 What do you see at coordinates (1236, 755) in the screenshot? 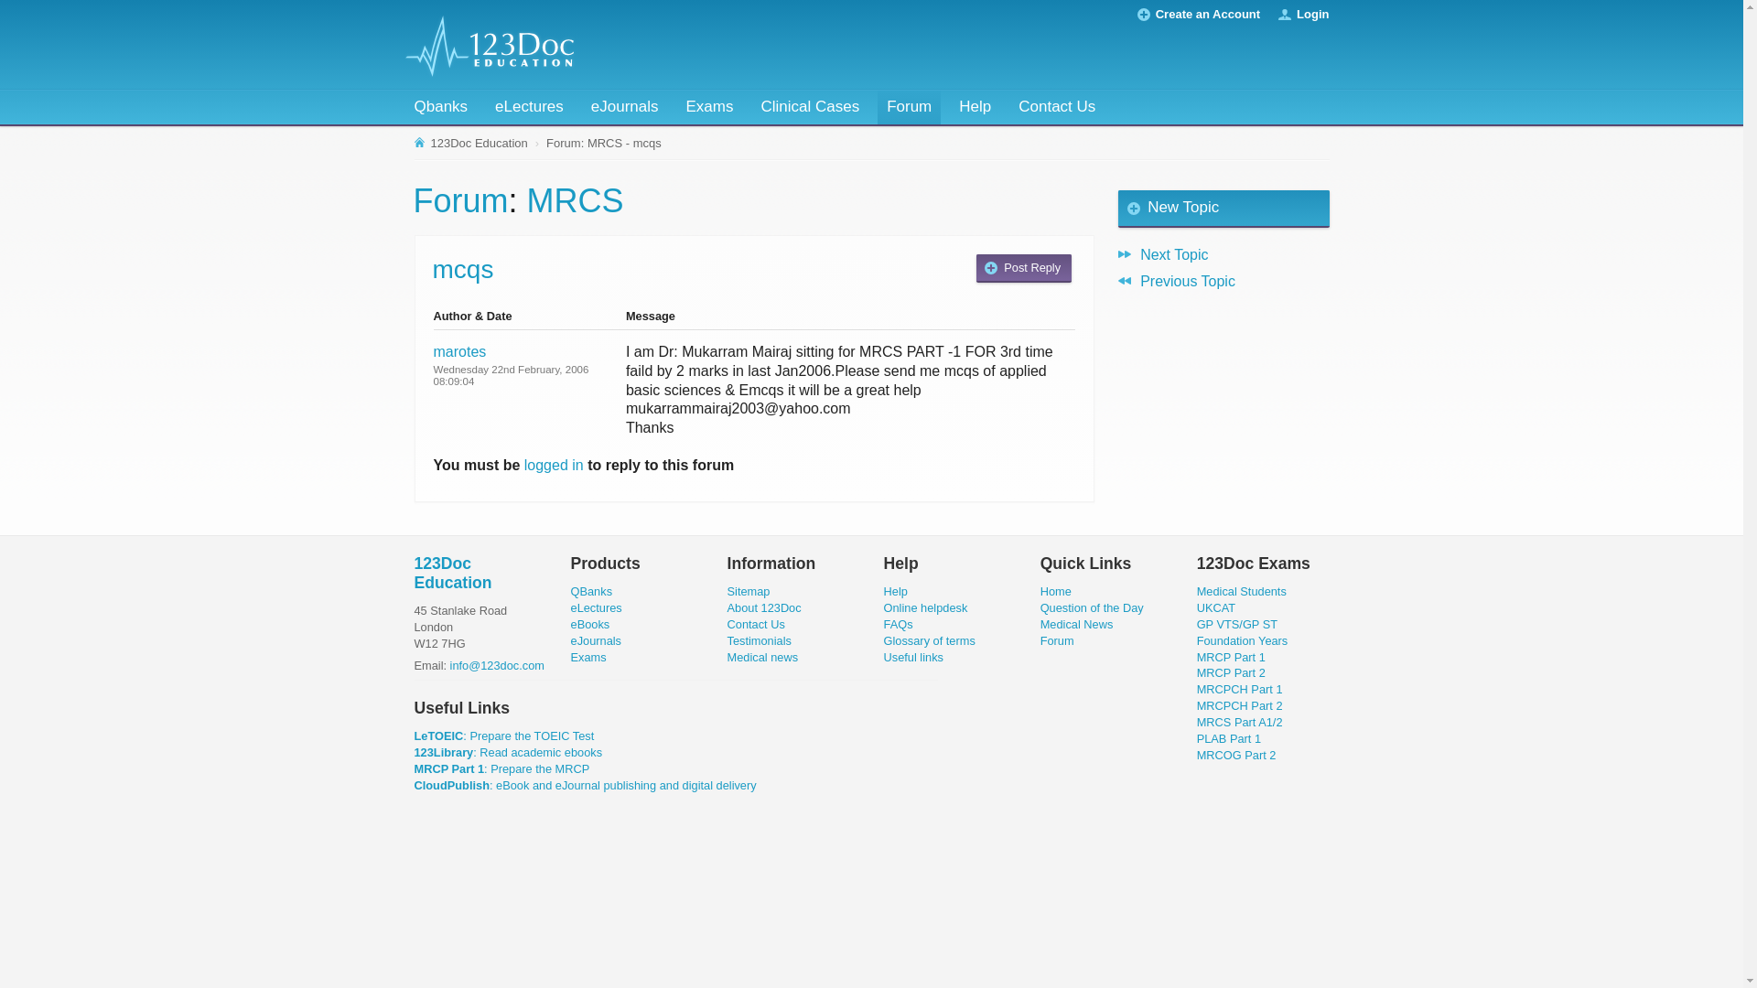
I see `'MRCOG Part 2'` at bounding box center [1236, 755].